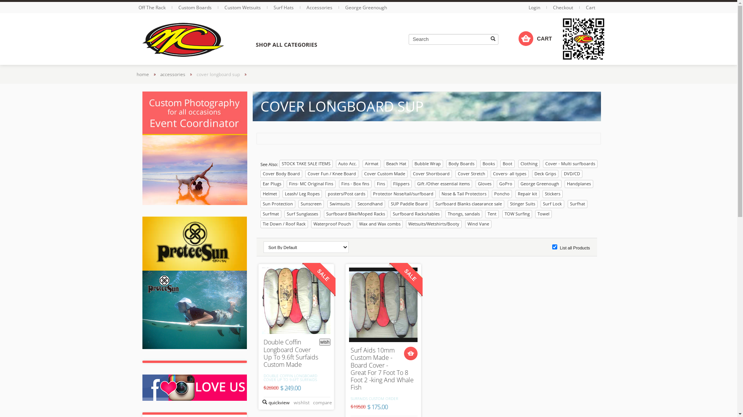  Describe the element at coordinates (283, 224) in the screenshot. I see `'Tie Down / Roof Rack'` at that location.